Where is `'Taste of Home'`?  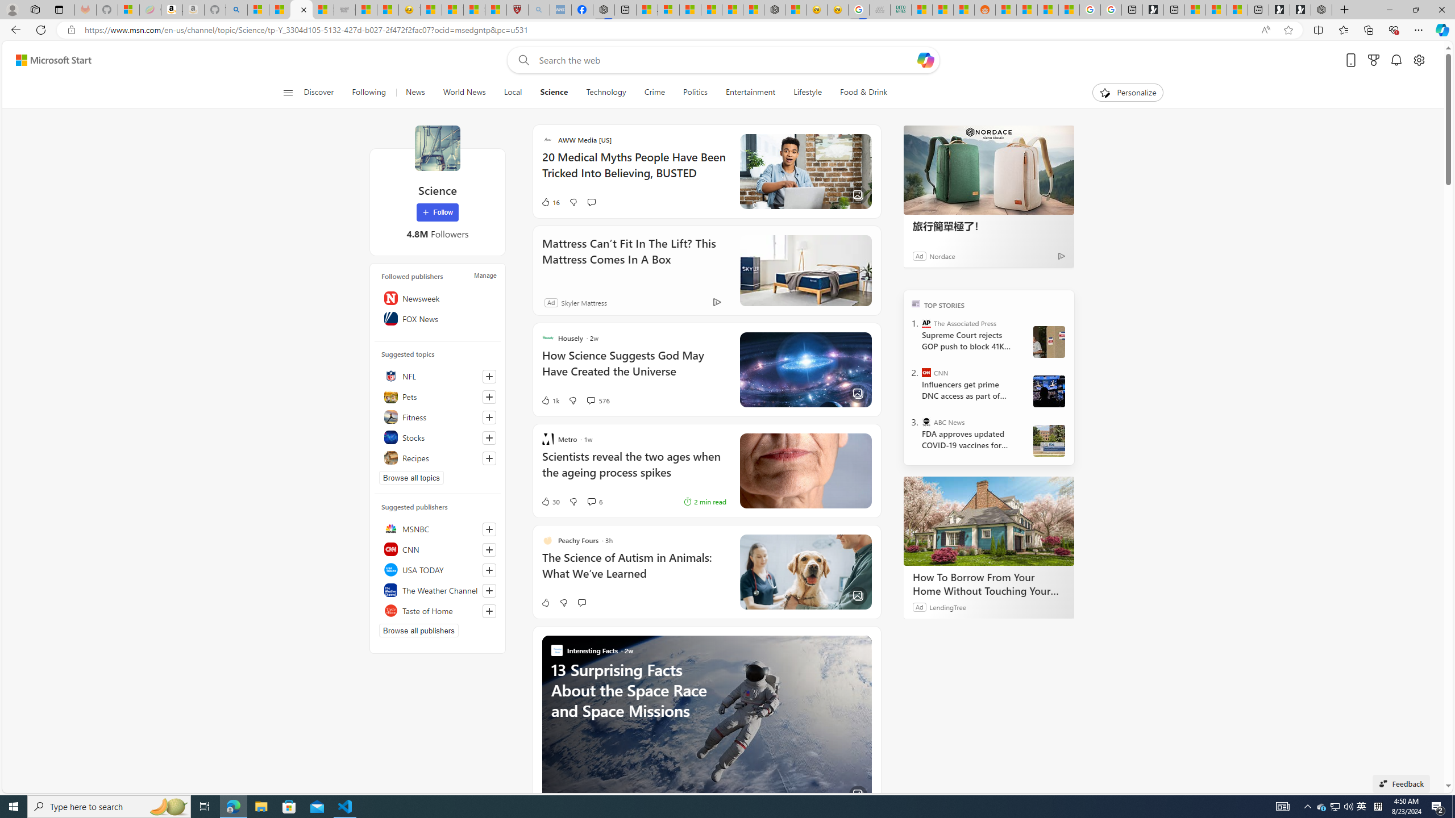 'Taste of Home' is located at coordinates (438, 610).